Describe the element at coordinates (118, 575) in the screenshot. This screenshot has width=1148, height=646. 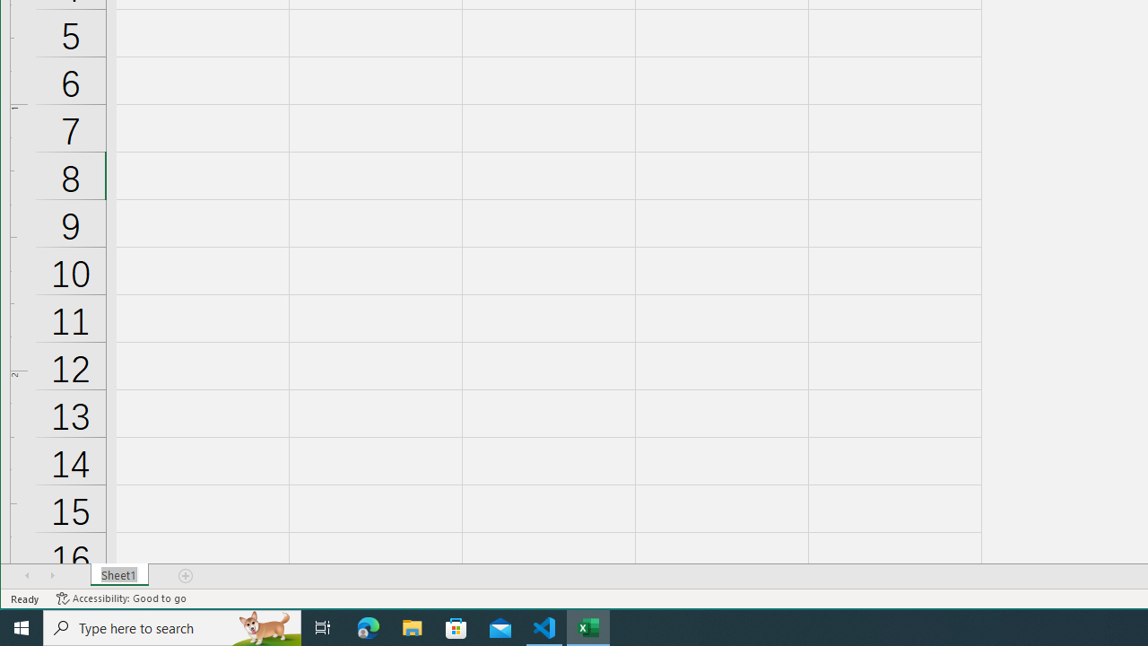
I see `'Sheet Tab'` at that location.